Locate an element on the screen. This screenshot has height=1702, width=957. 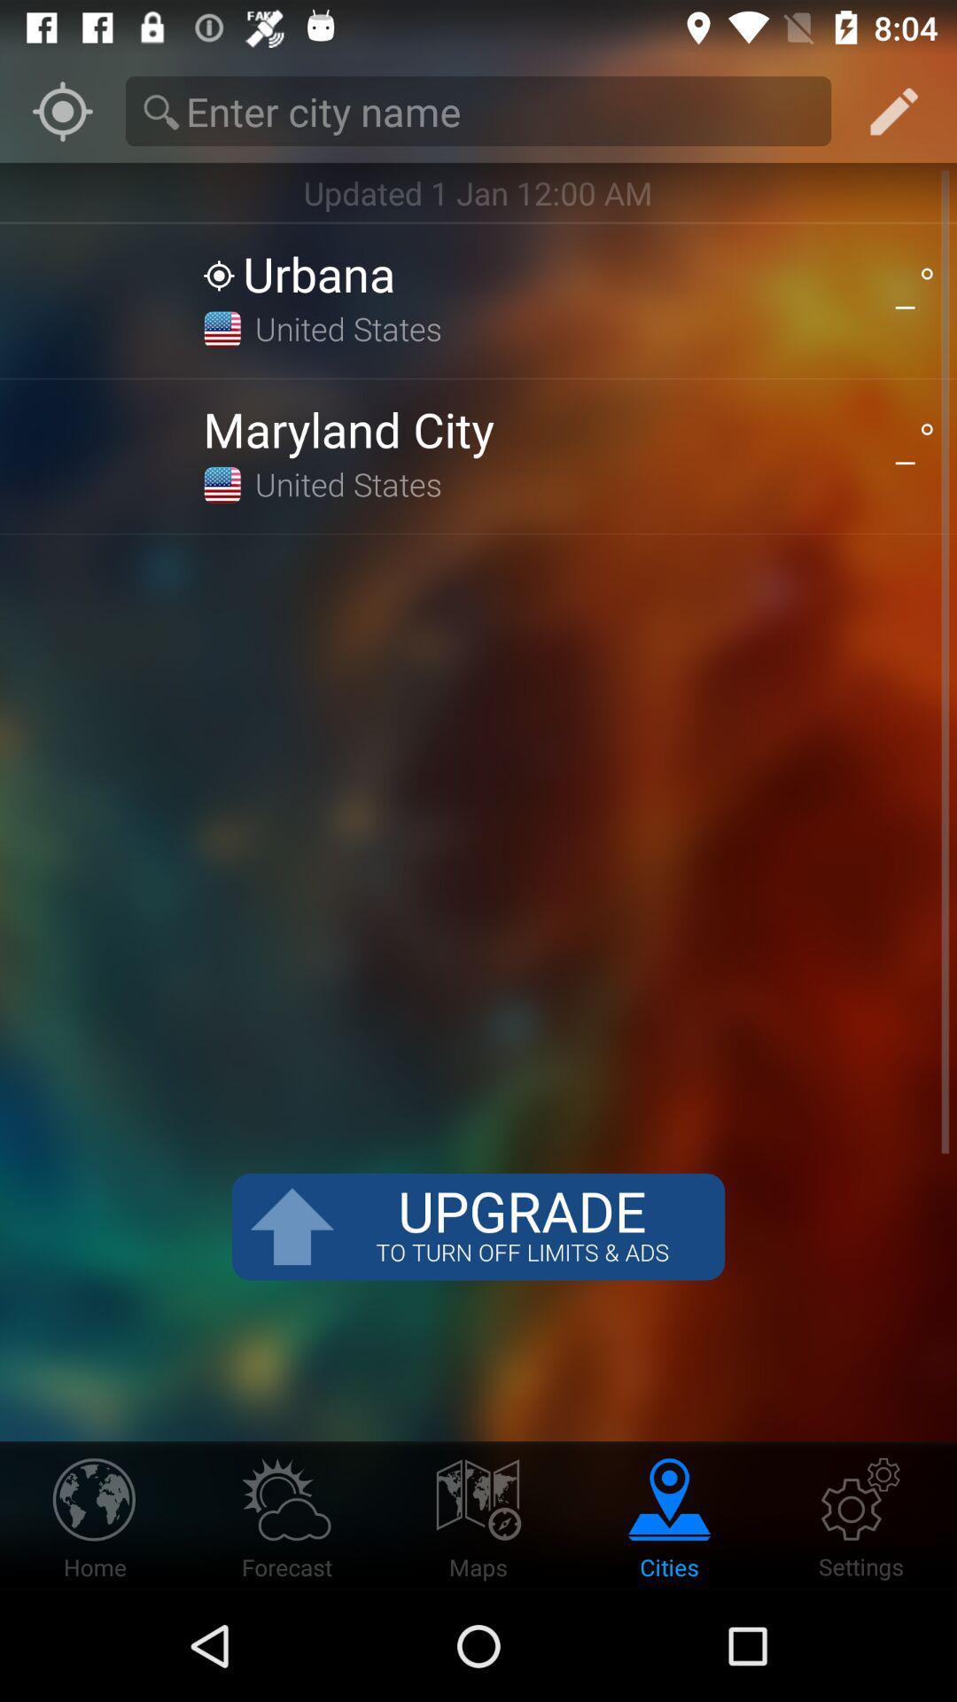
the edit icon is located at coordinates (894, 110).